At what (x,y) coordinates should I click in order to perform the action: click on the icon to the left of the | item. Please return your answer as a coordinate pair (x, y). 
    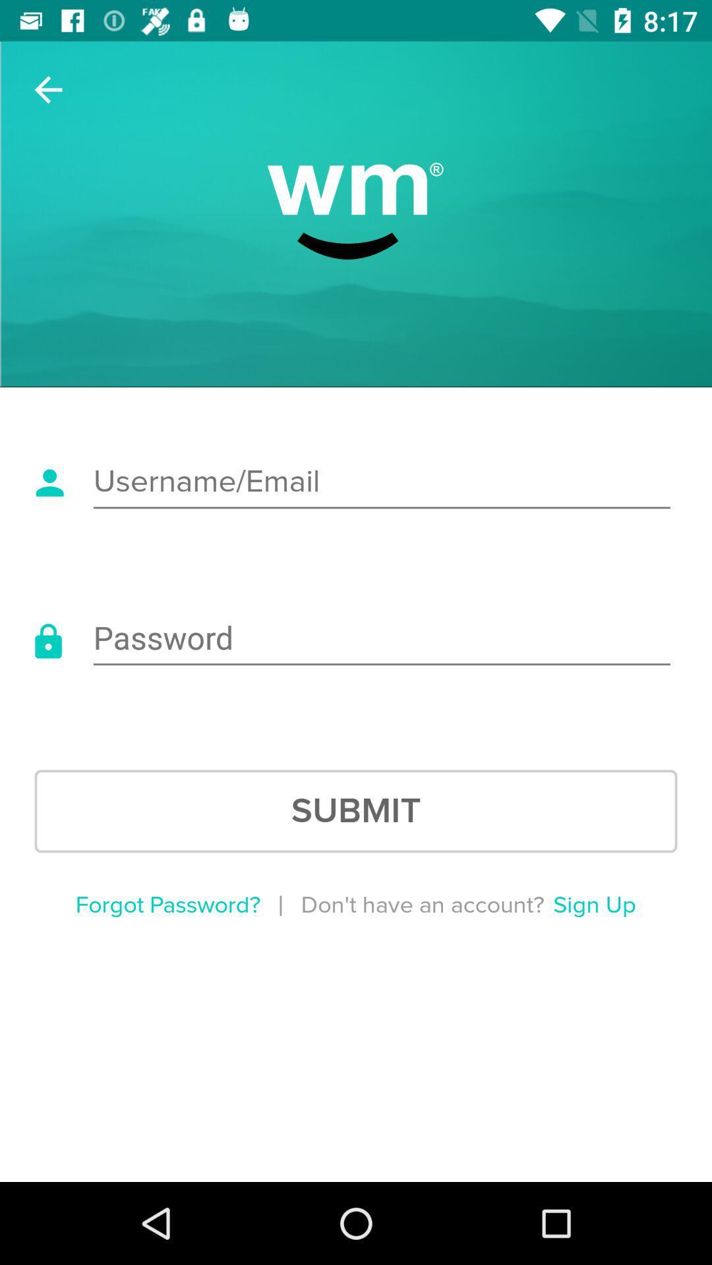
    Looking at the image, I should click on (167, 905).